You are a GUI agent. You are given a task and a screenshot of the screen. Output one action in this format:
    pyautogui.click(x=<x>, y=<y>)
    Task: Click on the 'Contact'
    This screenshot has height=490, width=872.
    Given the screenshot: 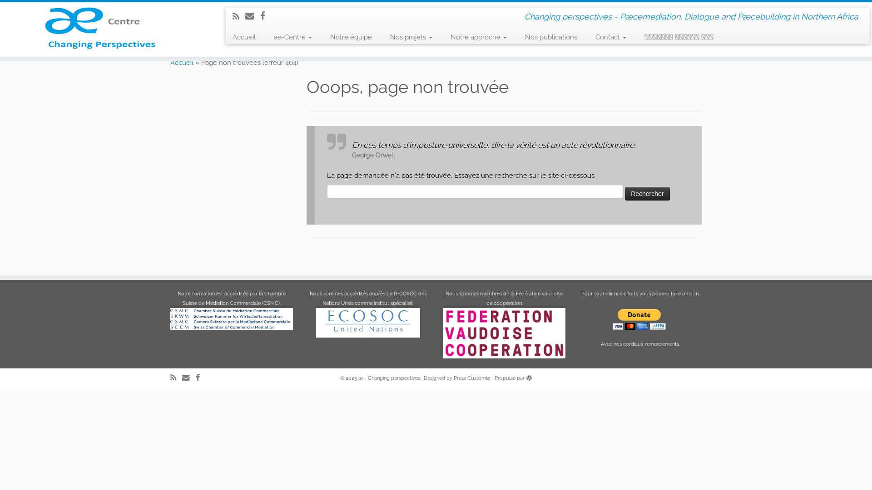 What is the action you would take?
    pyautogui.click(x=610, y=36)
    